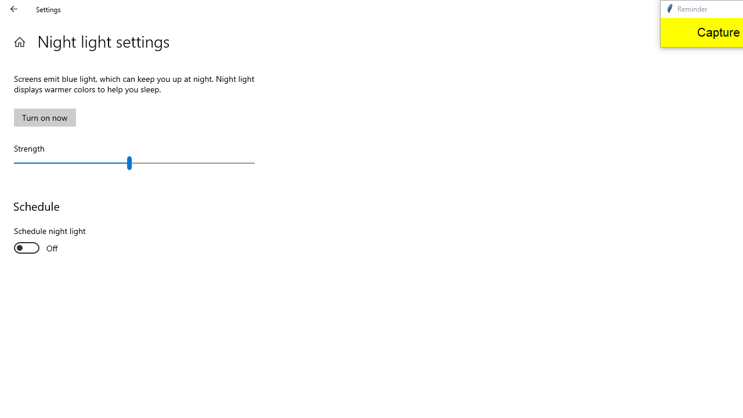 This screenshot has width=743, height=418. What do you see at coordinates (56, 240) in the screenshot?
I see `'Schedule night light'` at bounding box center [56, 240].